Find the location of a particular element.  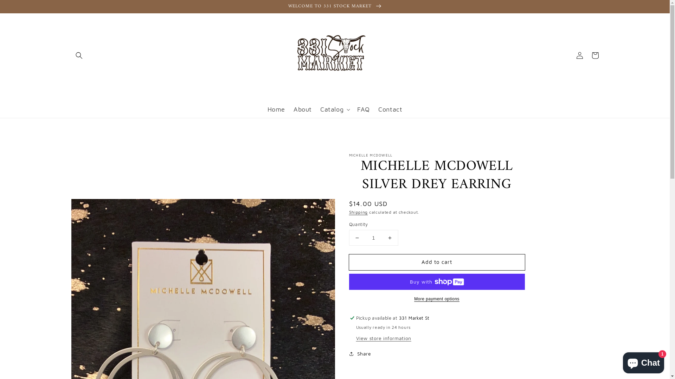

'Home' is located at coordinates (263, 109).